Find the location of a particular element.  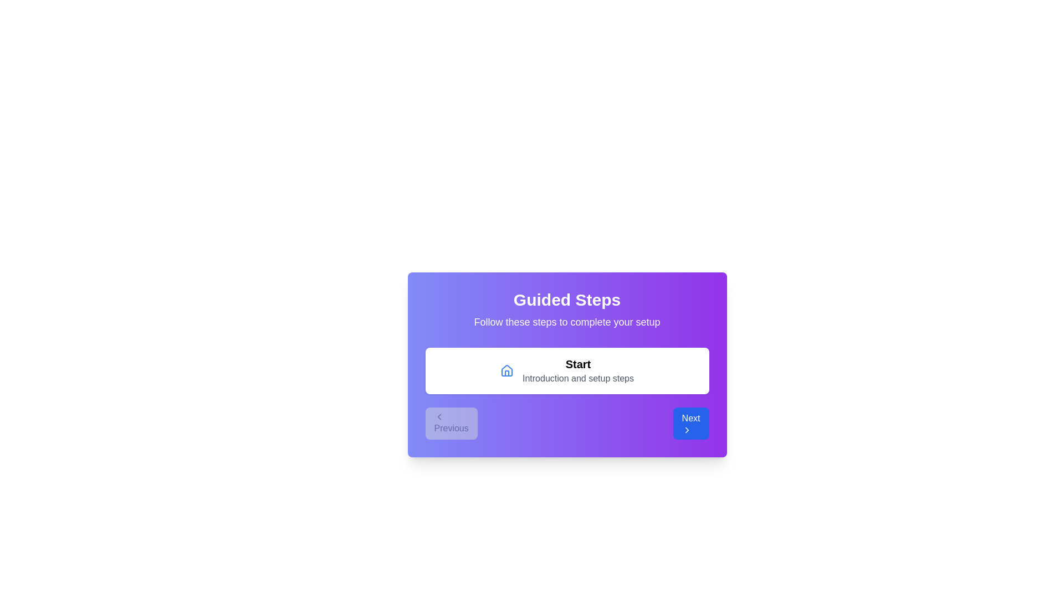

the disabled navigation button located at the bottom-left corner of the modal, which is the leftmost button in a horizontal layout containing a 'Next' button is located at coordinates (451, 423).